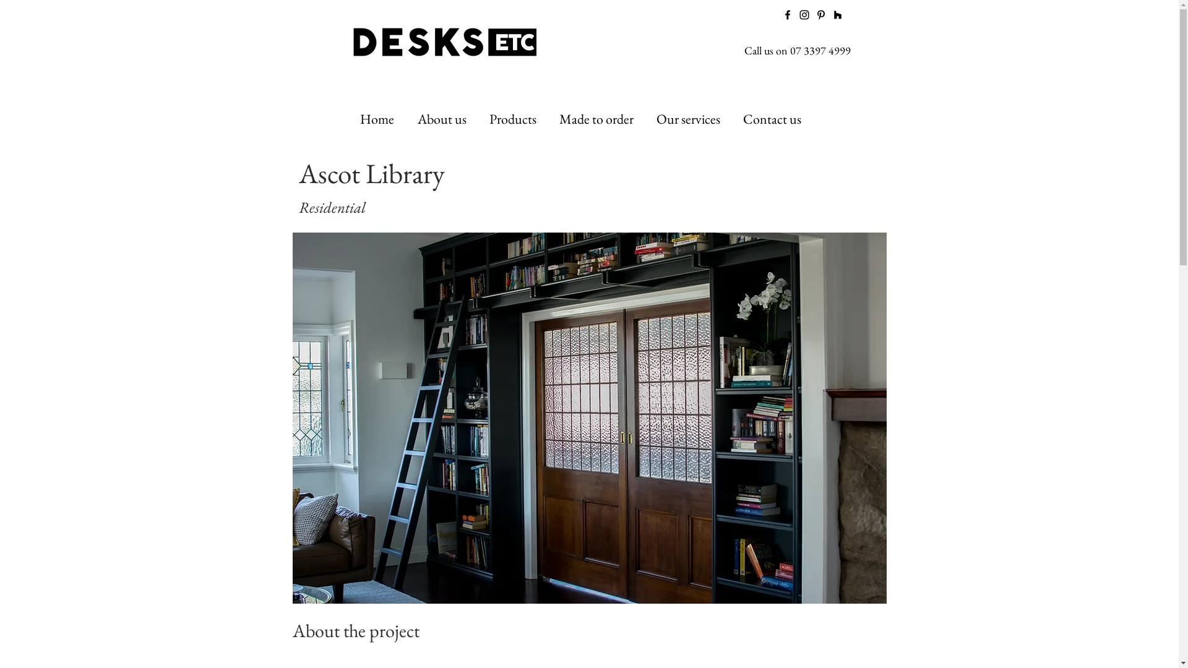 The height and width of the screenshot is (668, 1188). What do you see at coordinates (408, 119) in the screenshot?
I see `'About us'` at bounding box center [408, 119].